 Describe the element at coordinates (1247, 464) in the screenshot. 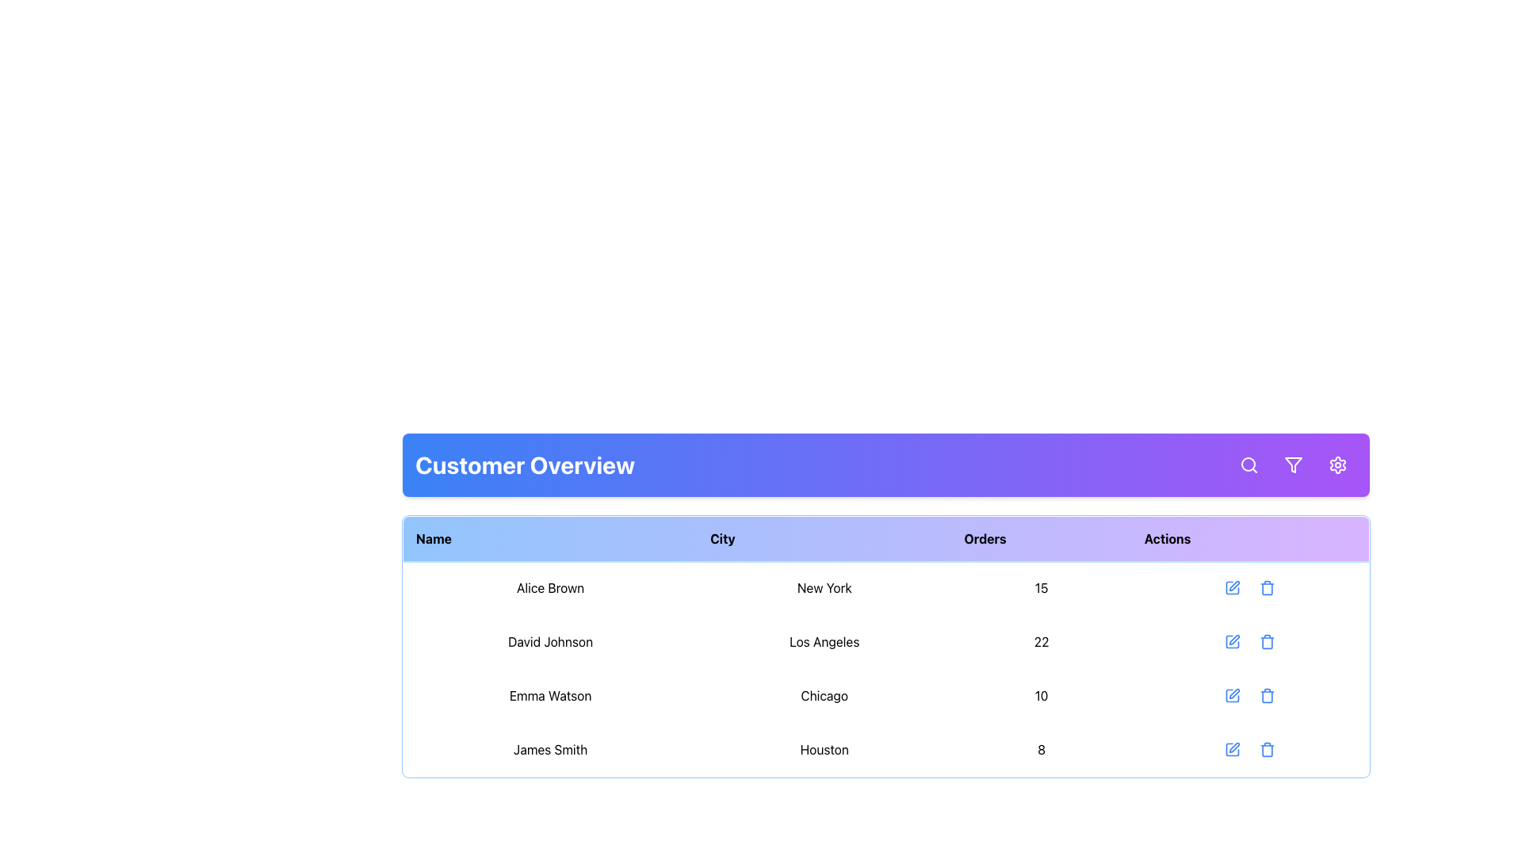

I see `the circular component of the magnifying glass icon in the toolbar` at that location.